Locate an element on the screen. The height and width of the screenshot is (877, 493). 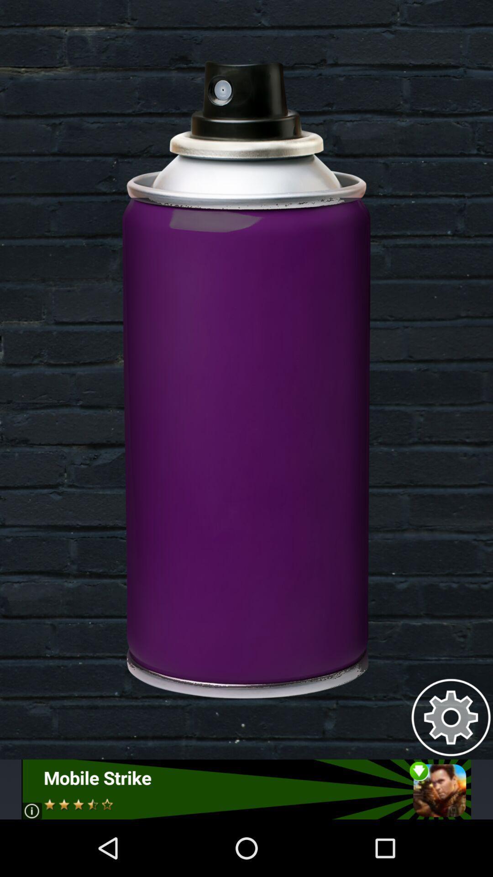
settings is located at coordinates (451, 717).